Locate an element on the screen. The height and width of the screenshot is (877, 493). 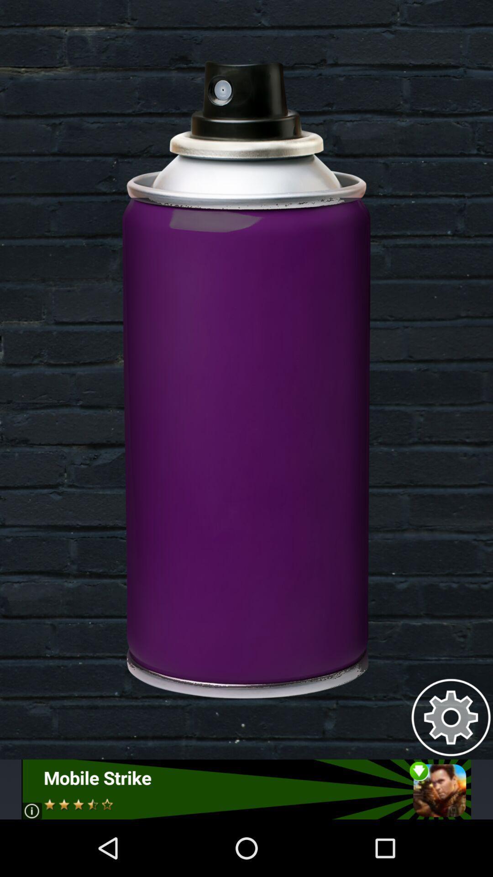
settings is located at coordinates (451, 717).